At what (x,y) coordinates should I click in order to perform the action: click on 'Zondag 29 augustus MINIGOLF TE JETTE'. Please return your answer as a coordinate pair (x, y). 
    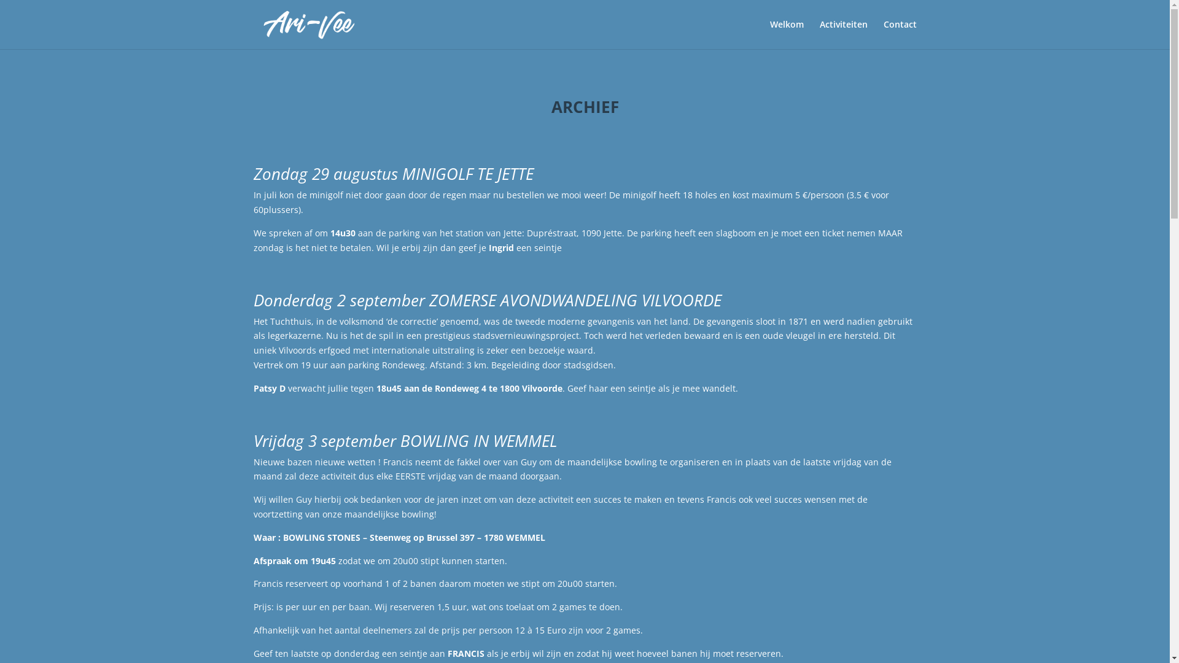
    Looking at the image, I should click on (392, 173).